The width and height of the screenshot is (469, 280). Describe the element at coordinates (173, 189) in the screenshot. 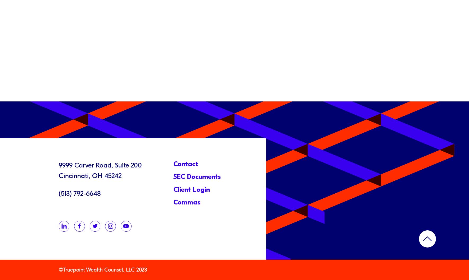

I see `'Client Login'` at that location.